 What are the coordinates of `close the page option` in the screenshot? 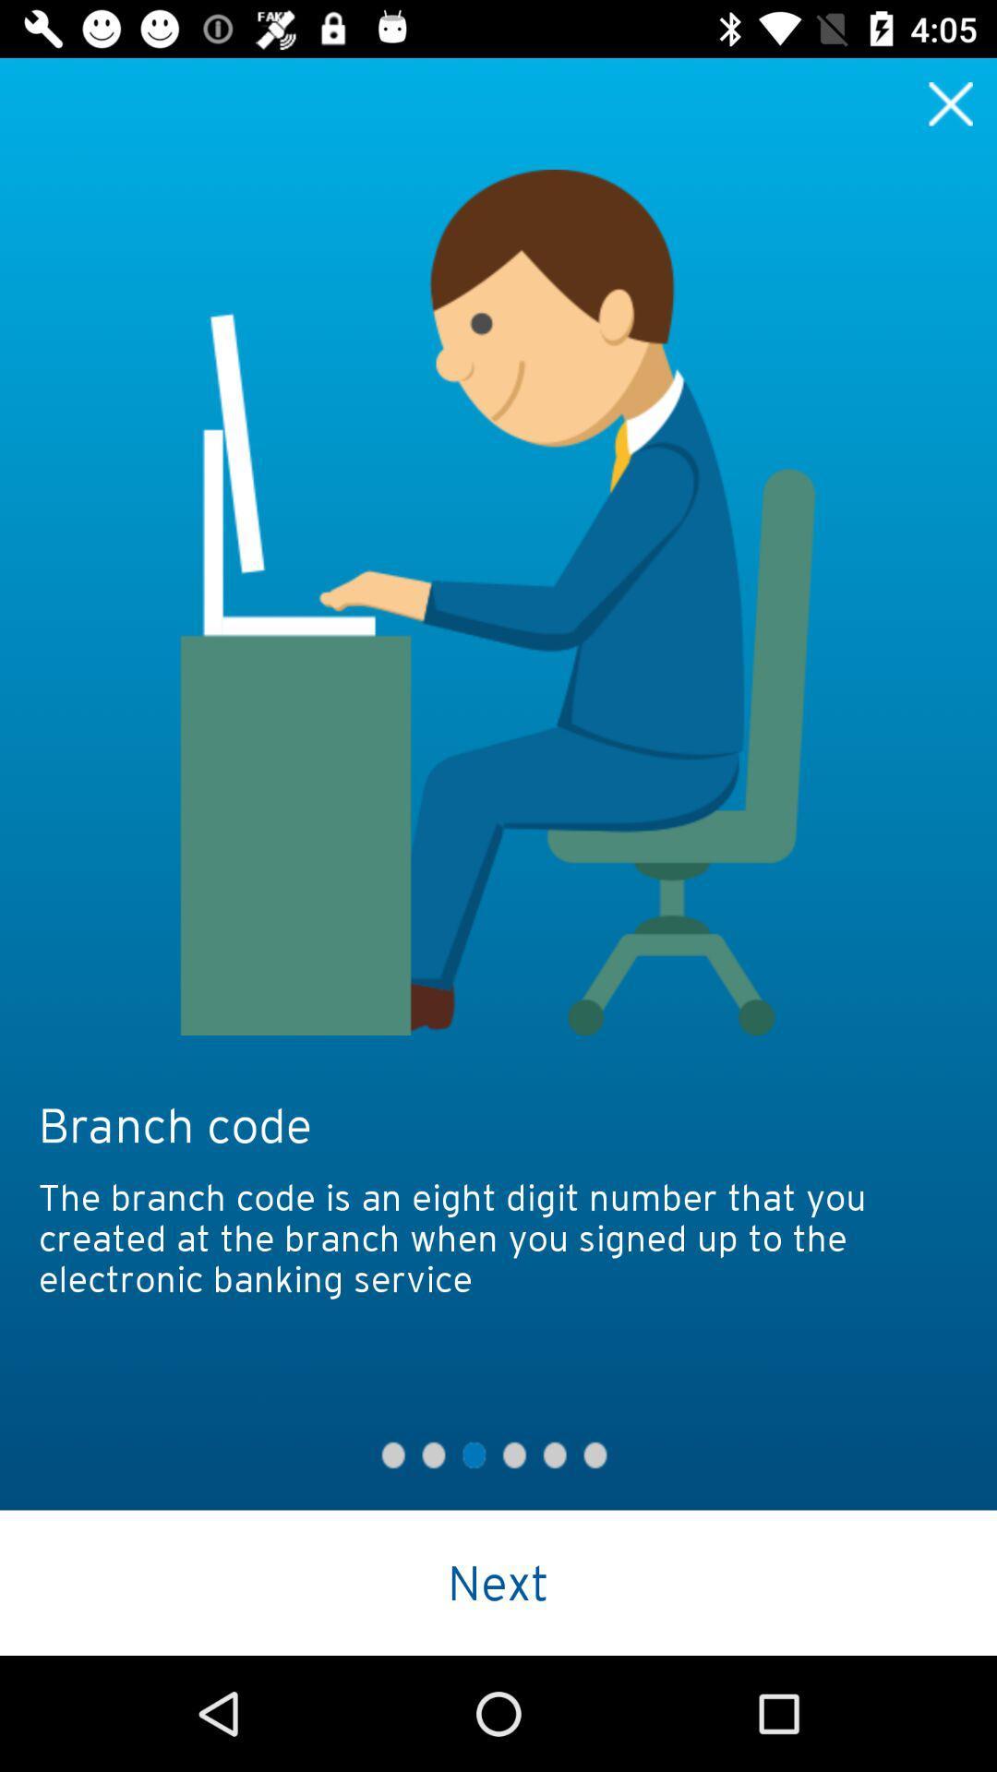 It's located at (951, 102).